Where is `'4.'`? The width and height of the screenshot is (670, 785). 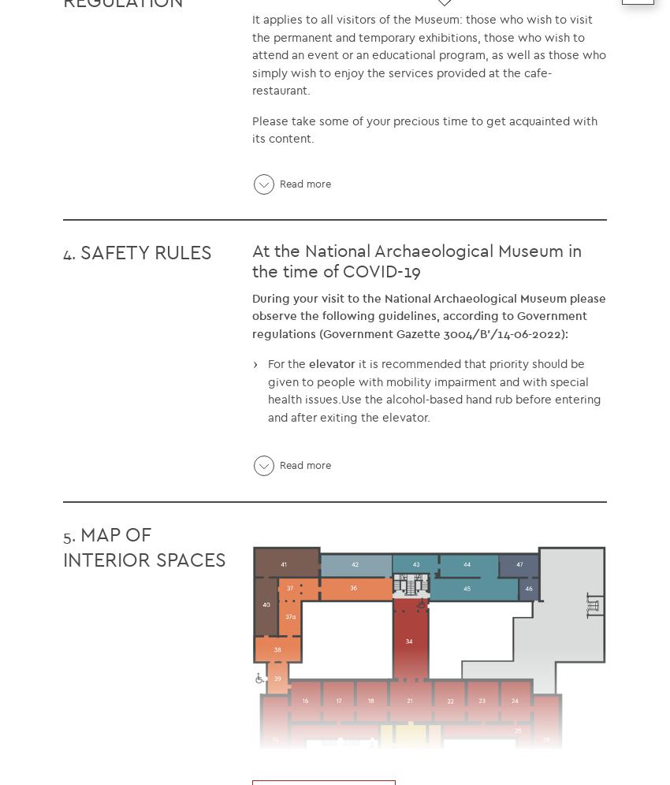 '4.' is located at coordinates (71, 252).